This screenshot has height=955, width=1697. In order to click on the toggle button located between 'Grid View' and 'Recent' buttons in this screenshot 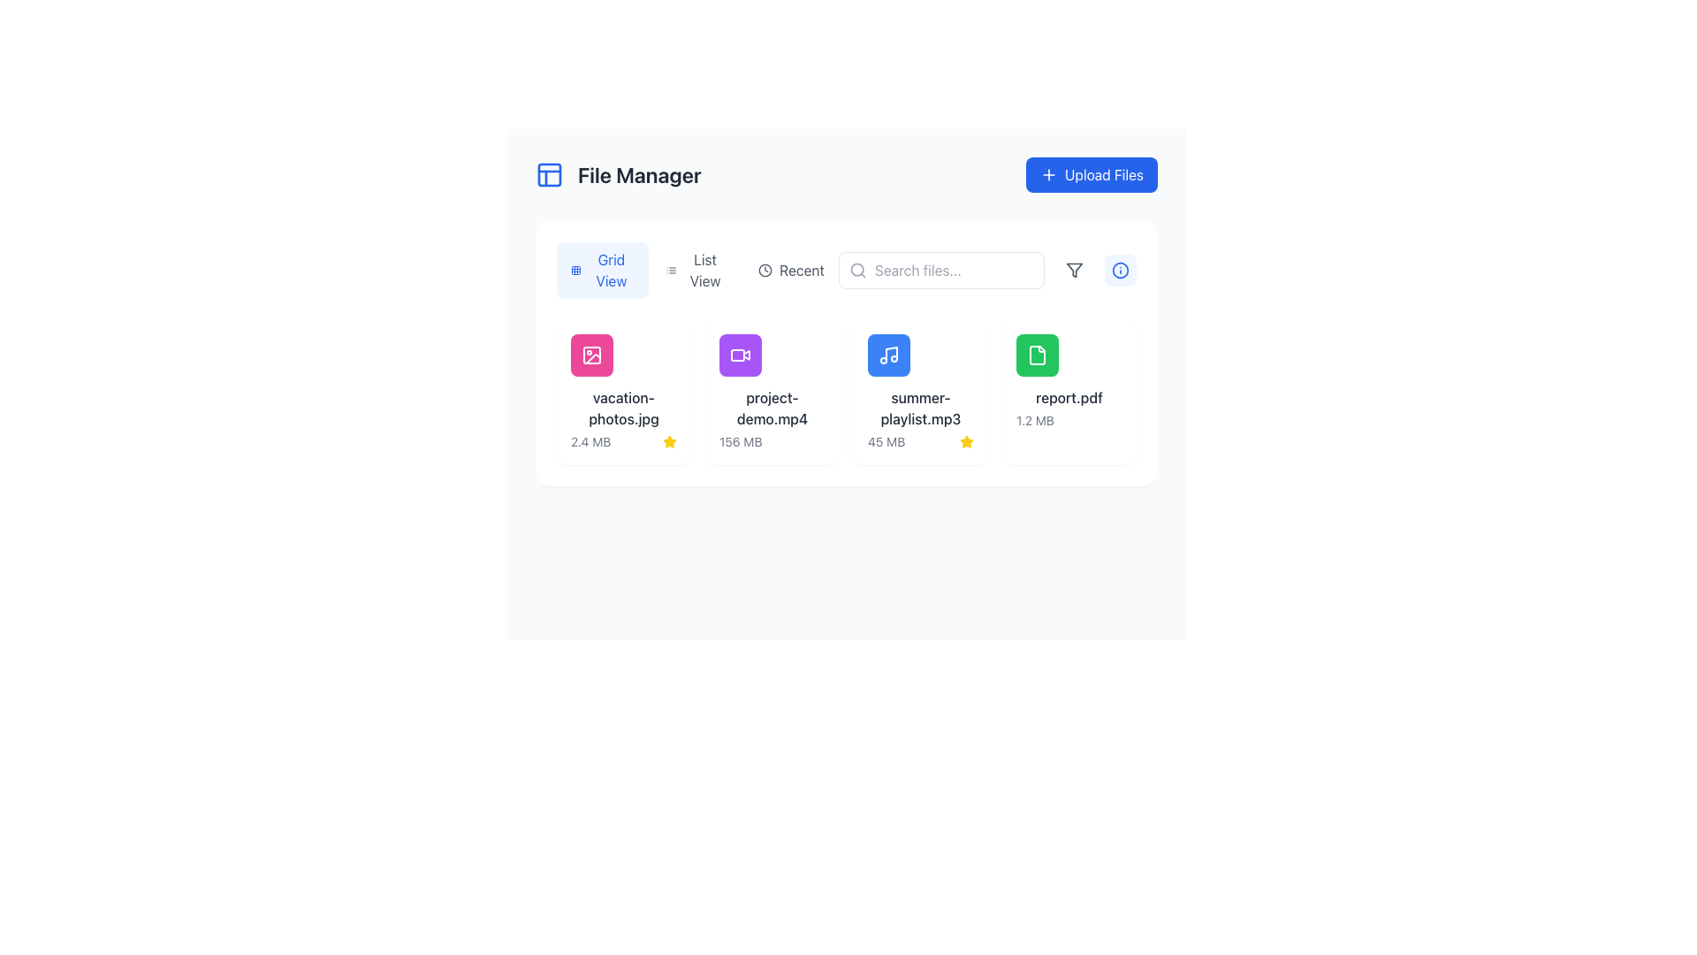, I will do `click(696, 270)`.